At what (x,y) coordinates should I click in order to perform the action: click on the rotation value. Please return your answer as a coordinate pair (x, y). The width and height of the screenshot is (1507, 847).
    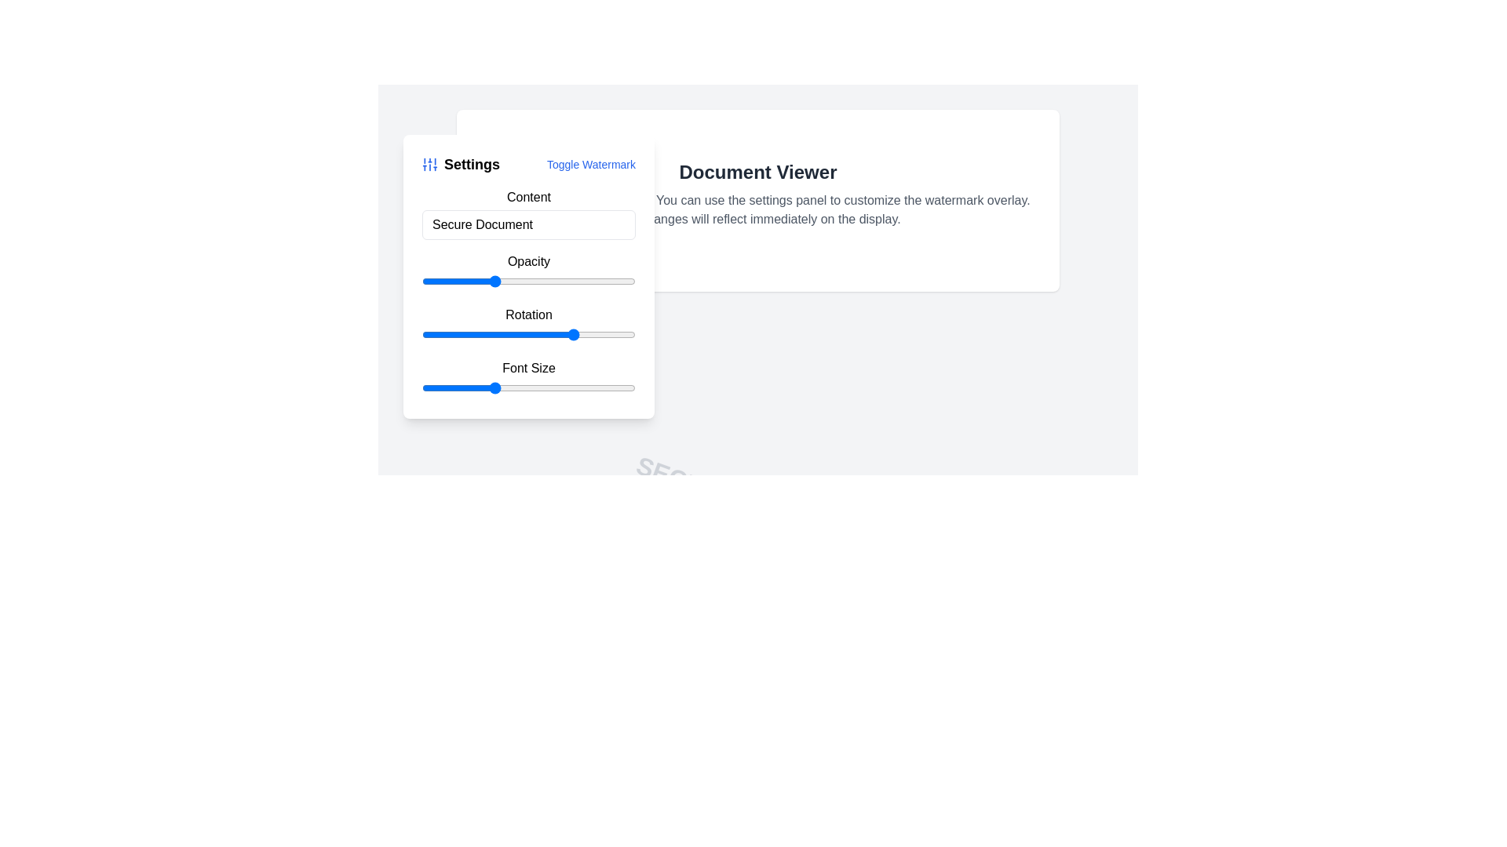
    Looking at the image, I should click on (585, 334).